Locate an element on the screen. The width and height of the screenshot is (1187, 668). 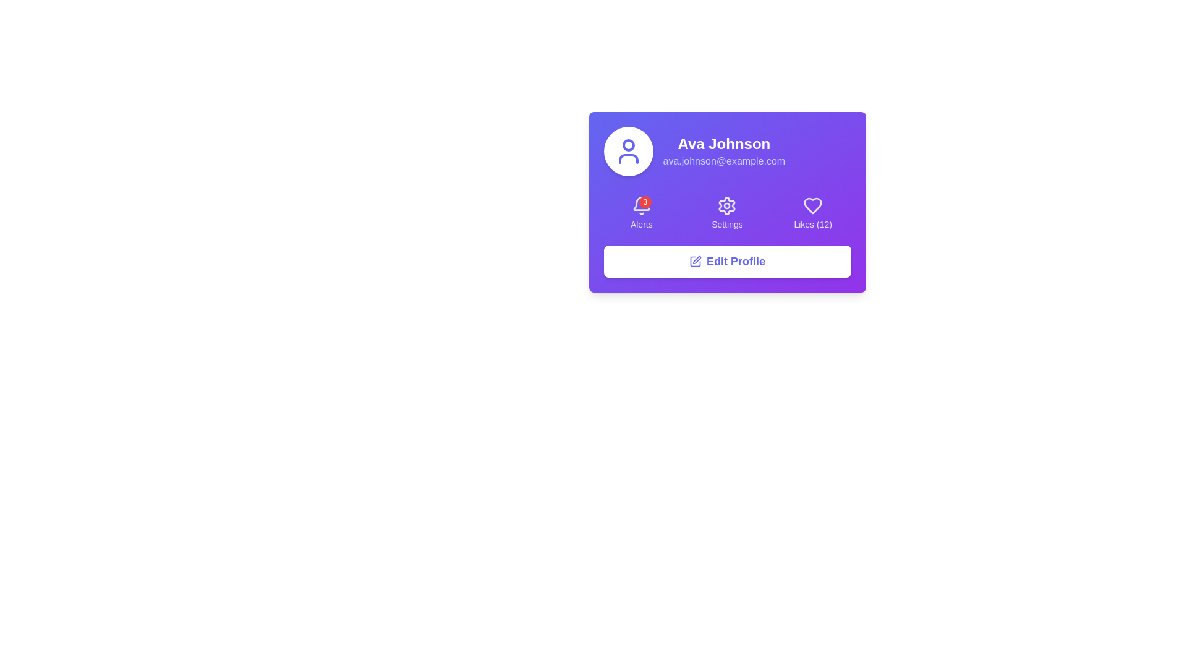
the 'Alerts' section of the multi-functional navigation bar, which features a bell icon and is styled with a gradient background is located at coordinates (727, 212).